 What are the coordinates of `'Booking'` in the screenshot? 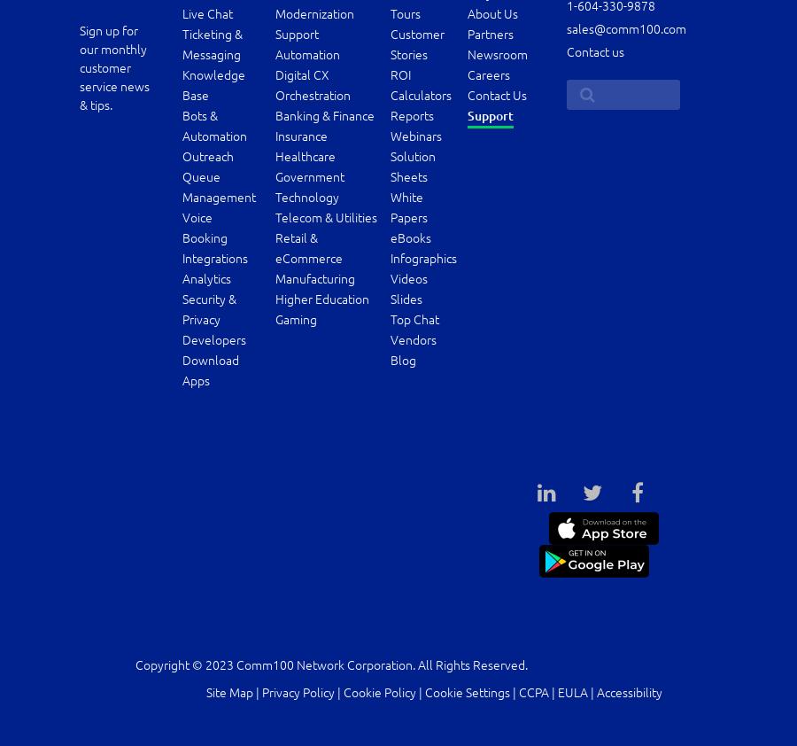 It's located at (203, 237).